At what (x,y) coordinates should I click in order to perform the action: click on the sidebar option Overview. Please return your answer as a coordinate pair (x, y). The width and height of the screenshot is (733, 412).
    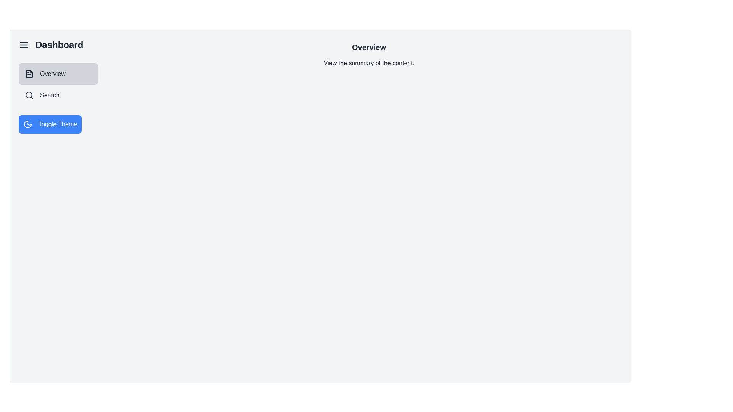
    Looking at the image, I should click on (58, 74).